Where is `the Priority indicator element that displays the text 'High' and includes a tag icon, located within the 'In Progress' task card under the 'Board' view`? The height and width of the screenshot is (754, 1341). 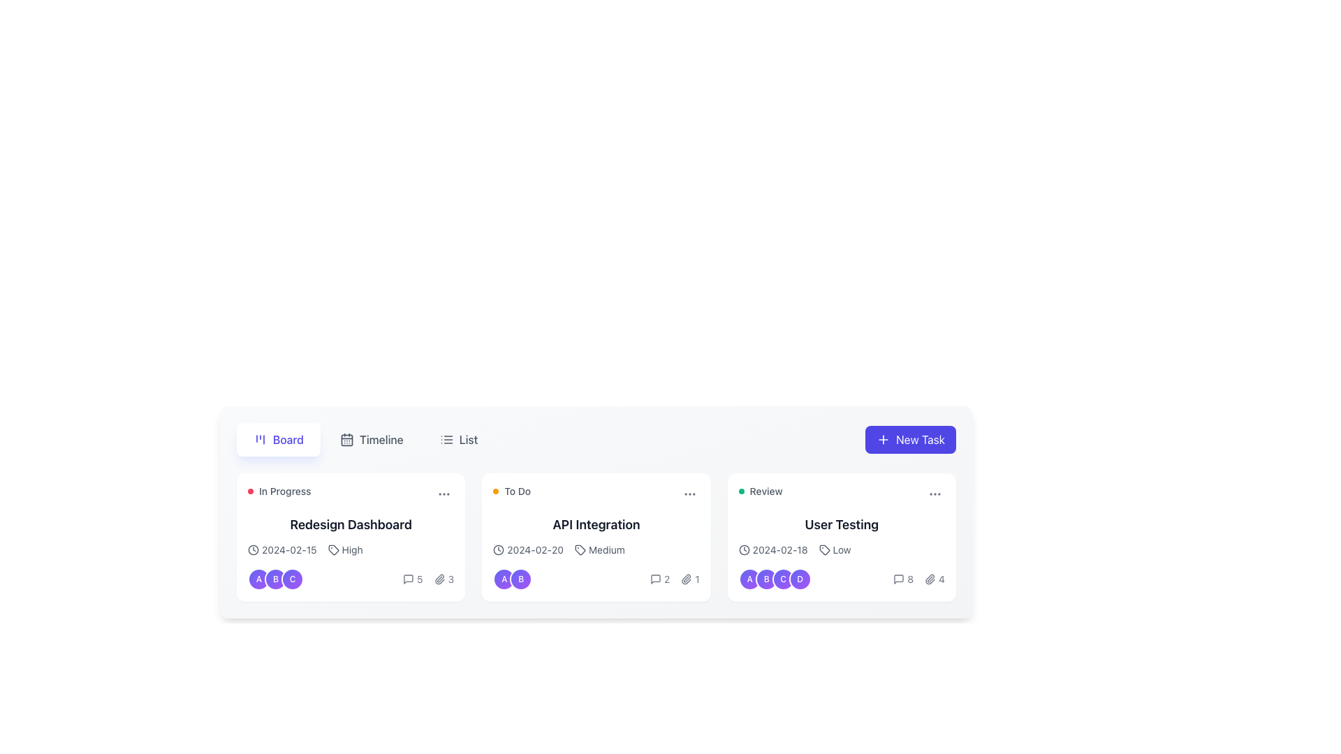
the Priority indicator element that displays the text 'High' and includes a tag icon, located within the 'In Progress' task card under the 'Board' view is located at coordinates (345, 549).